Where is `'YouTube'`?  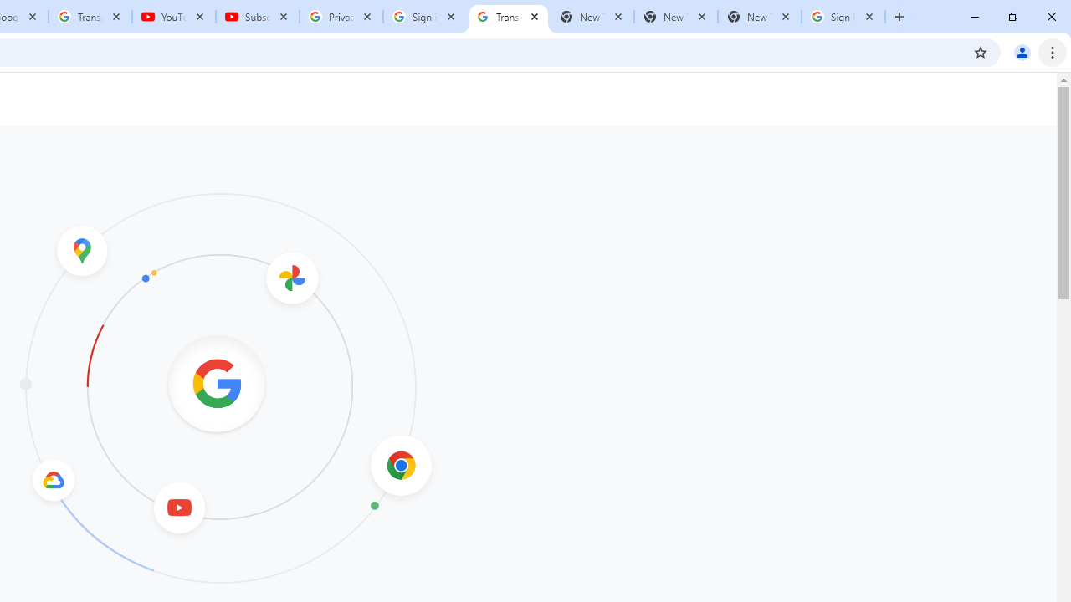 'YouTube' is located at coordinates (174, 17).